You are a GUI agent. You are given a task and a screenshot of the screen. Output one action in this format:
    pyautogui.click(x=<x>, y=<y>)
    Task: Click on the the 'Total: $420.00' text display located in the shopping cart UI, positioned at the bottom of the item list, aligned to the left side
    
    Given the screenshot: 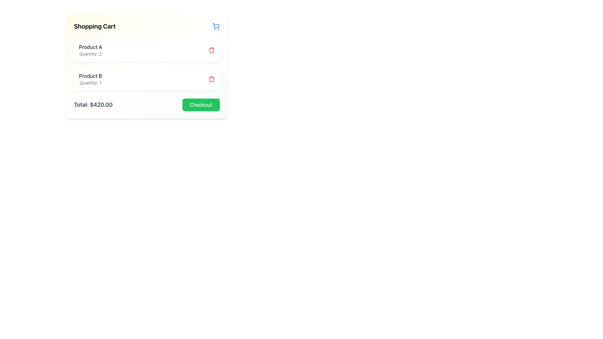 What is the action you would take?
    pyautogui.click(x=93, y=105)
    